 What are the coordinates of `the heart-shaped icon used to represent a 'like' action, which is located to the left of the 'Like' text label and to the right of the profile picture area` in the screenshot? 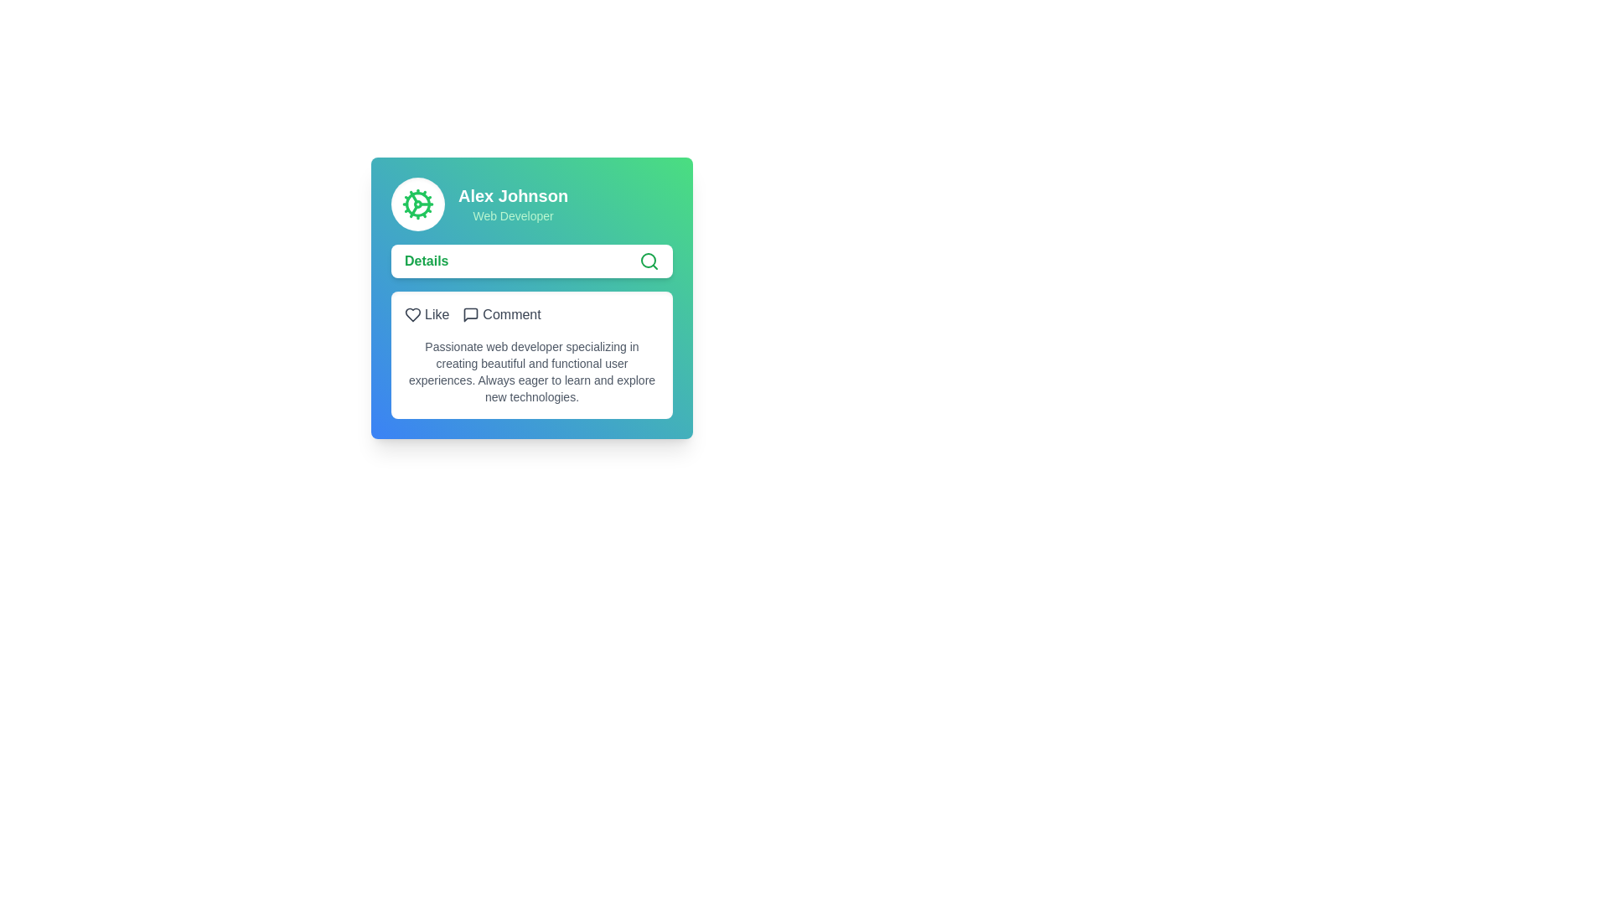 It's located at (413, 314).